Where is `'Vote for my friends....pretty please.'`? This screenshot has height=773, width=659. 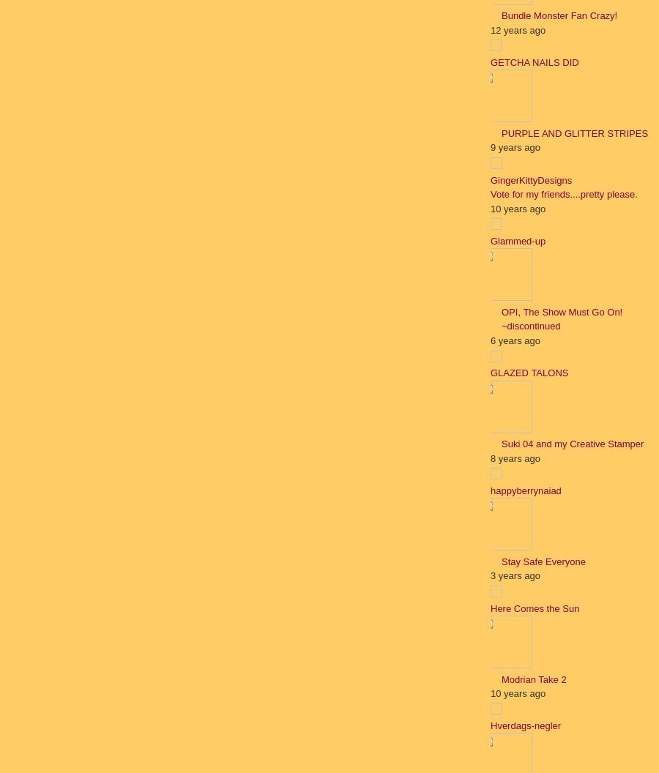
'Vote for my friends....pretty please.' is located at coordinates (563, 194).